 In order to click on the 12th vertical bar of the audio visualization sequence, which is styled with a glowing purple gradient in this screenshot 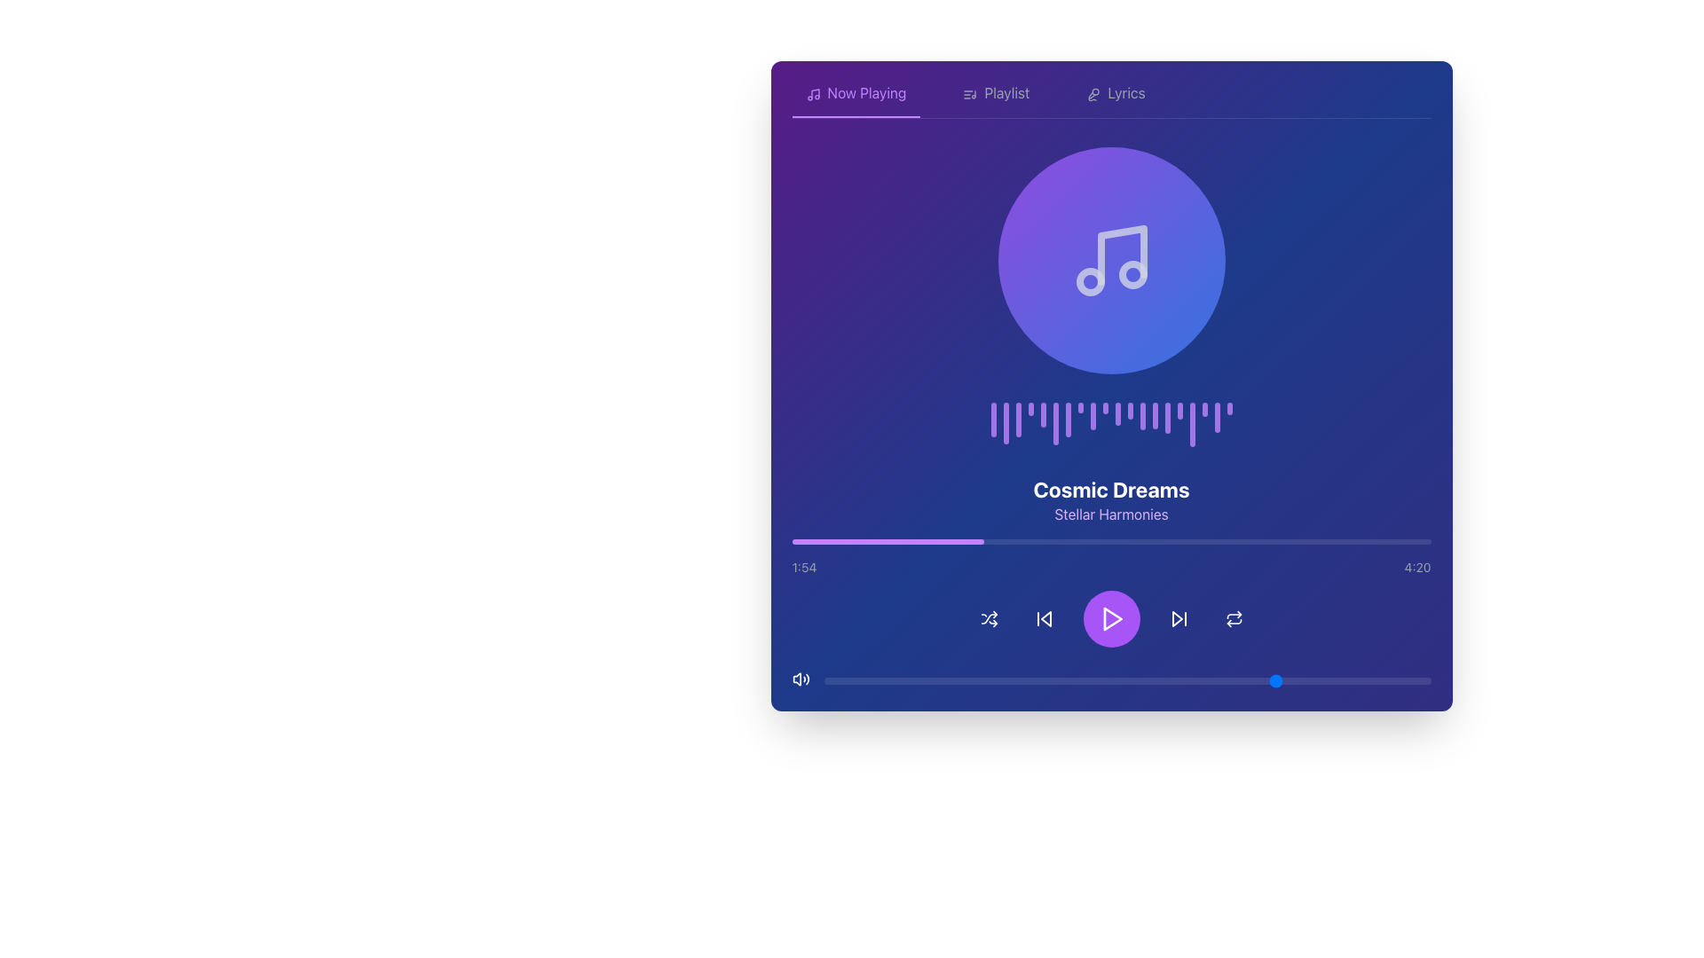, I will do `click(1129, 411)`.